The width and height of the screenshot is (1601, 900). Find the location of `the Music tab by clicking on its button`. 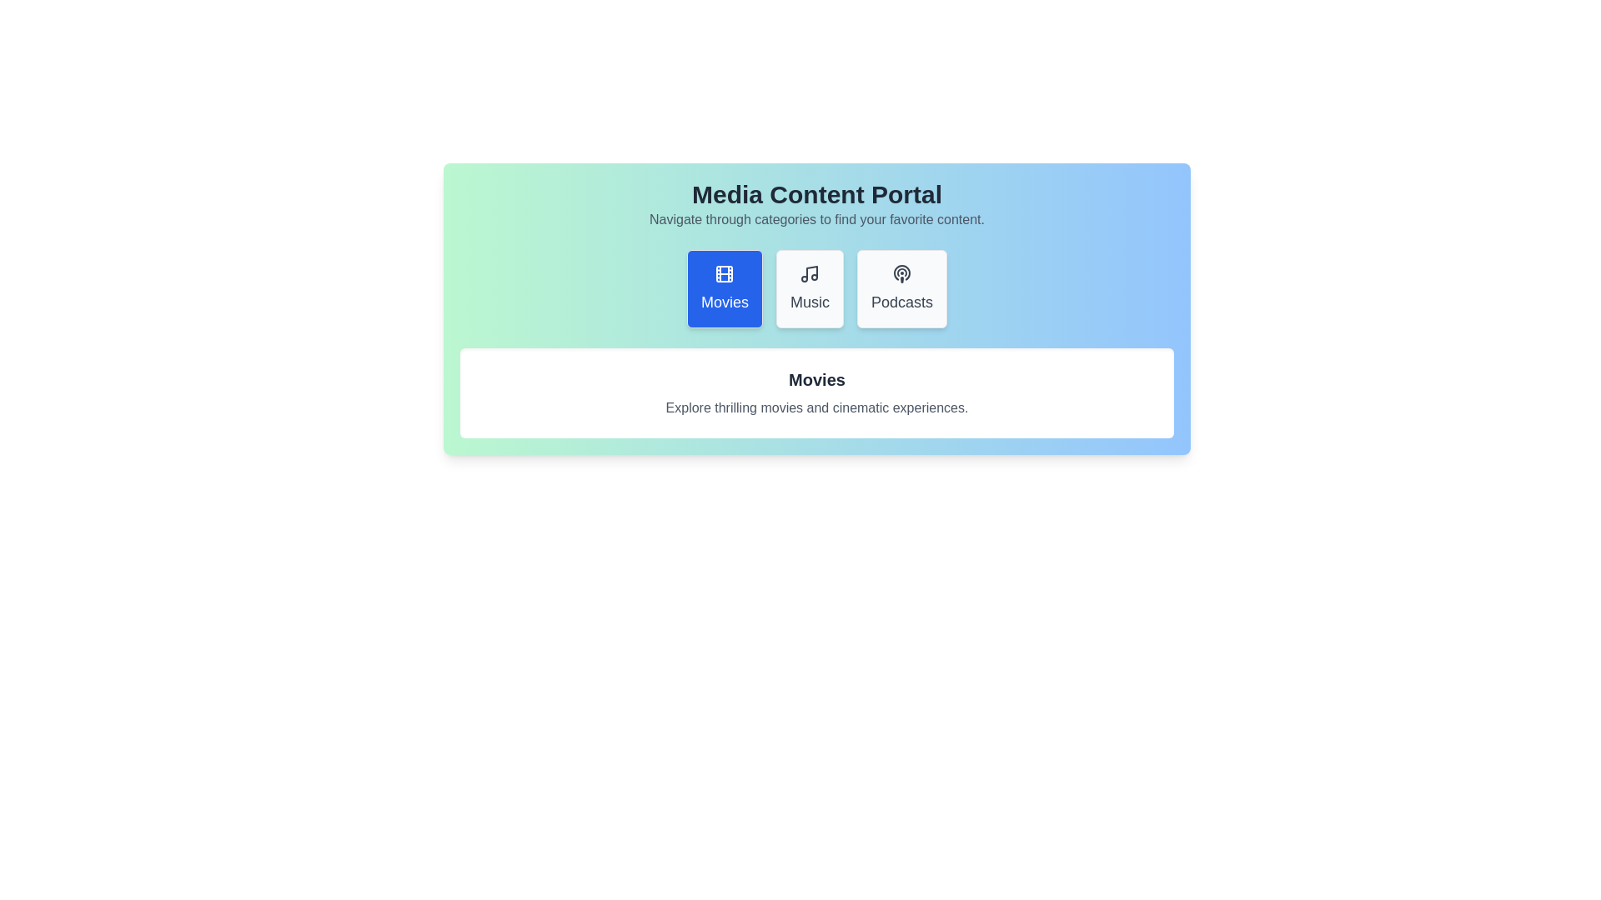

the Music tab by clicking on its button is located at coordinates (809, 288).